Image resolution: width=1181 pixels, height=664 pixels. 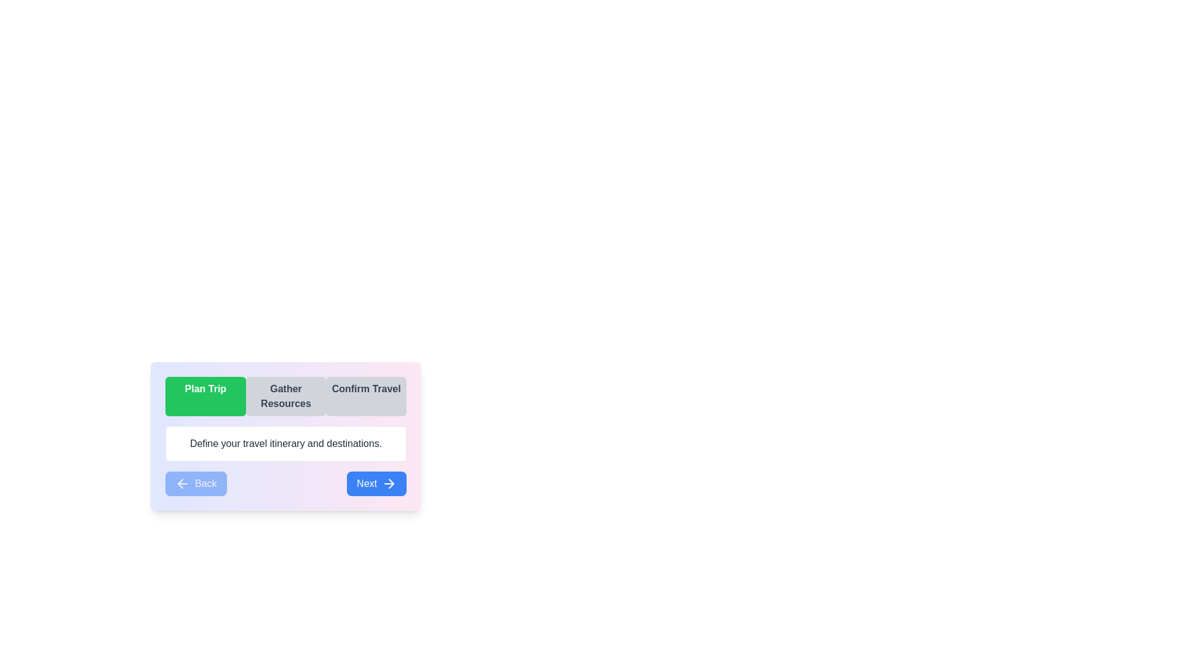 I want to click on the 'Confirm Travel' button, which is the third button in a horizontal group of three buttons used for step-by-step navigation, so click(x=365, y=396).